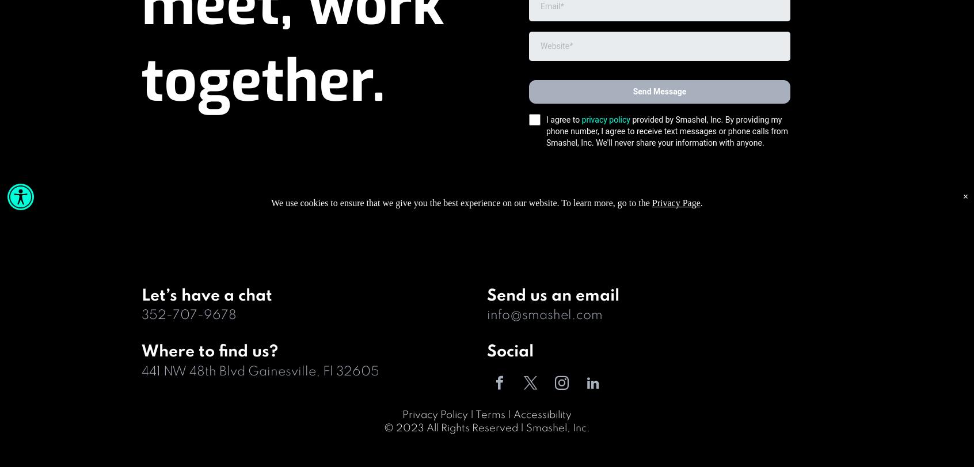 Image resolution: width=974 pixels, height=467 pixels. Describe the element at coordinates (553, 295) in the screenshot. I see `'Send us an email'` at that location.